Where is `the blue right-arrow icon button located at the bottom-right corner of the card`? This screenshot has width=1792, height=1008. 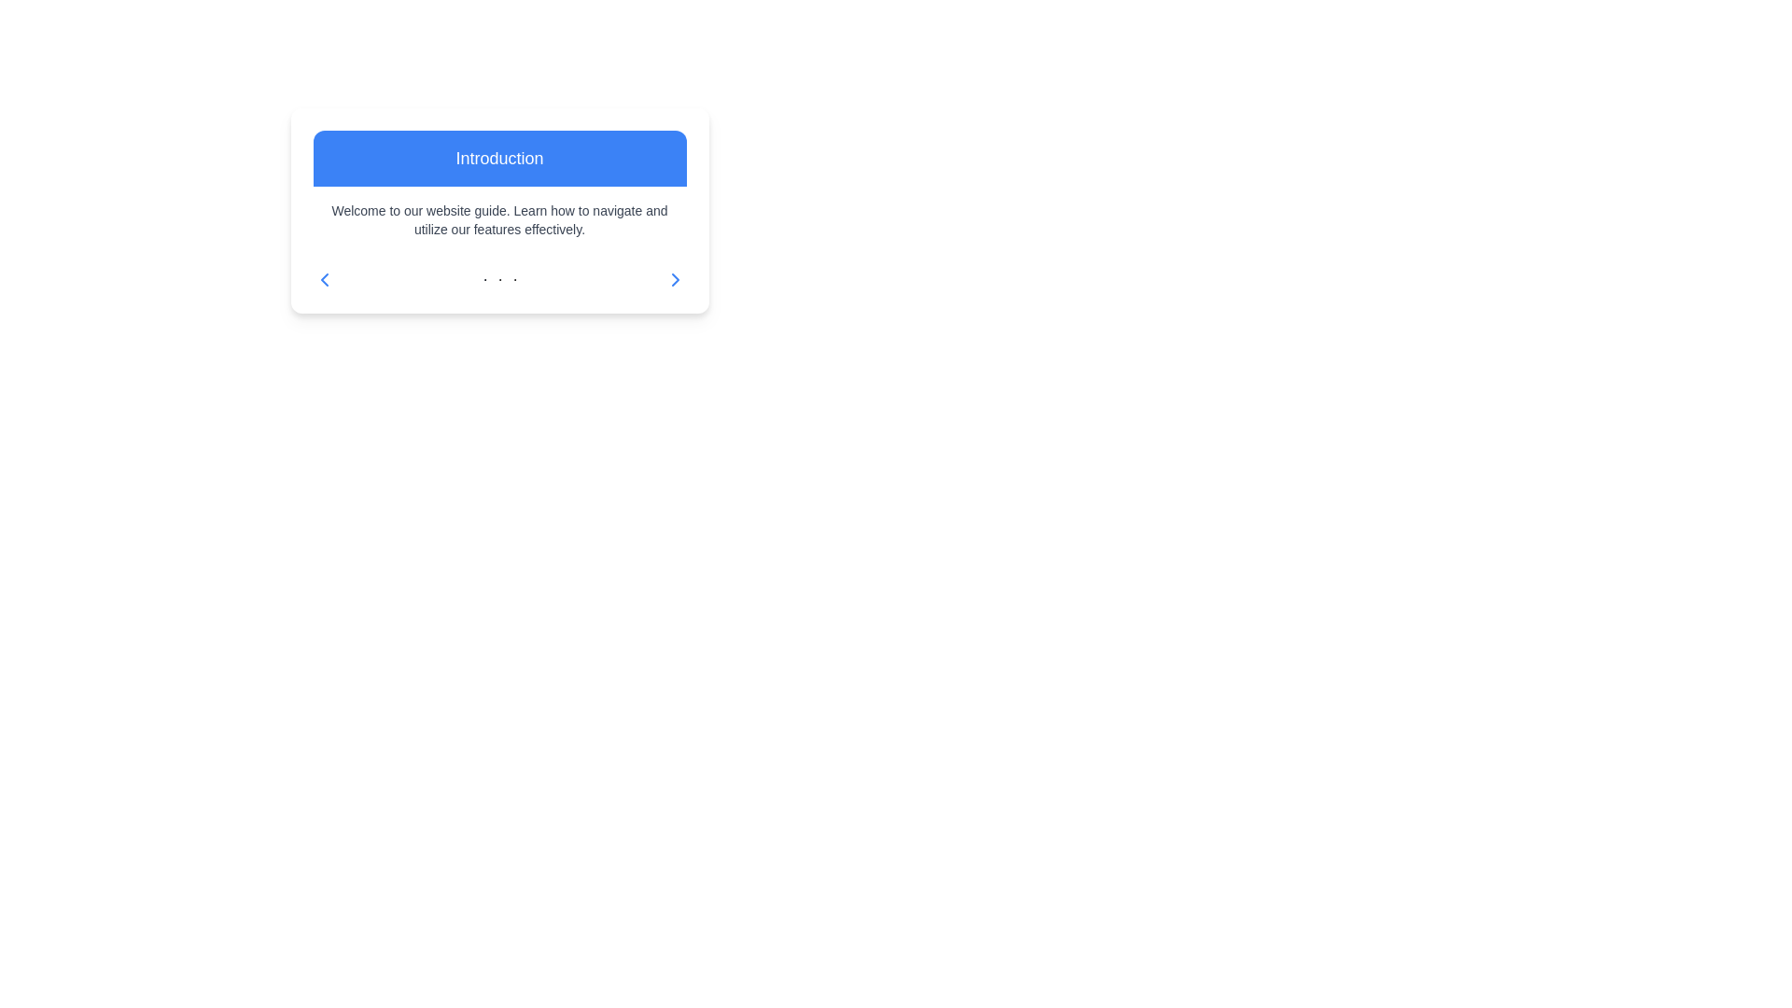 the blue right-arrow icon button located at the bottom-right corner of the card is located at coordinates (674, 280).